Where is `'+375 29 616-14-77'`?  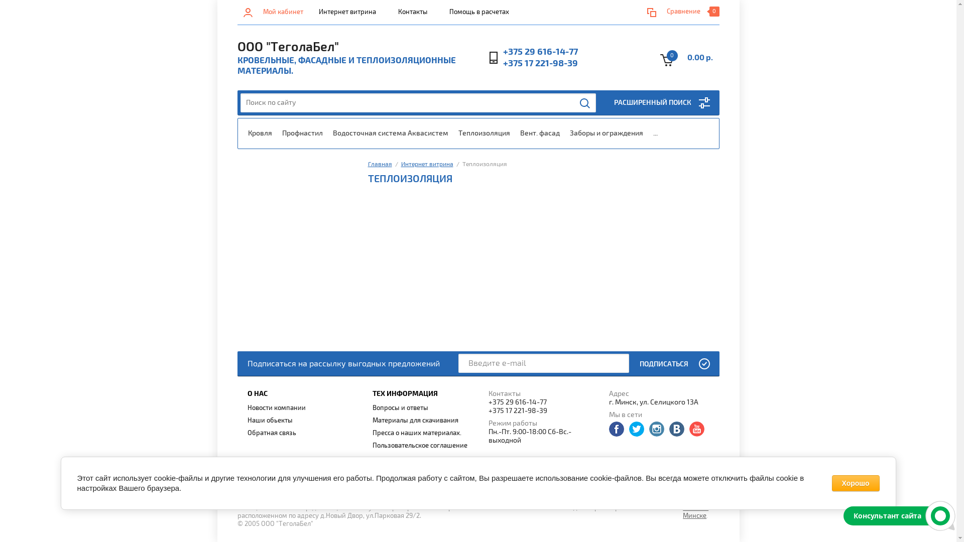 '+375 29 616-14-77' is located at coordinates (540, 52).